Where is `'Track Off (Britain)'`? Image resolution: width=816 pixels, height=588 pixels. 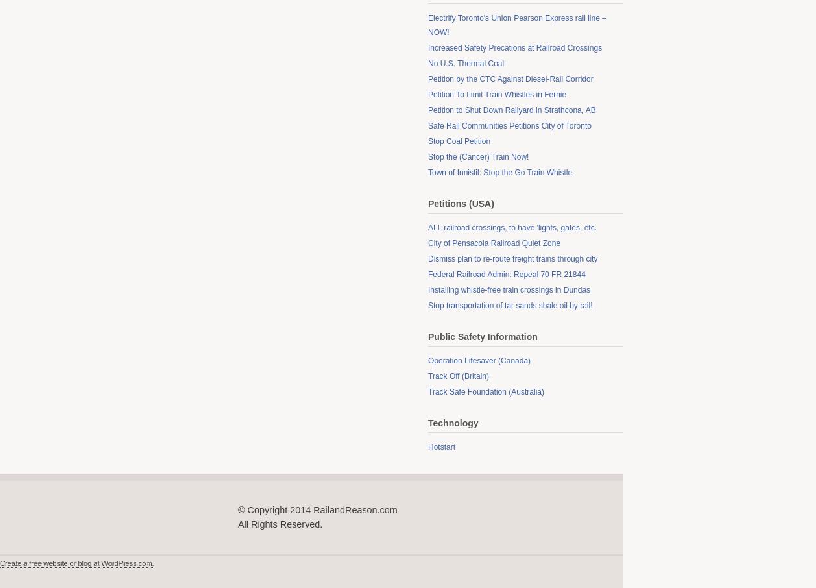 'Track Off (Britain)' is located at coordinates (427, 376).